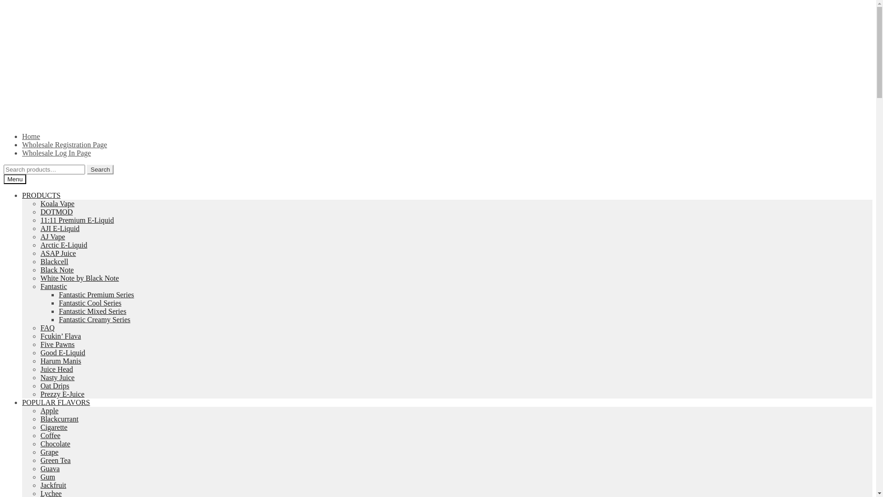 The image size is (883, 497). I want to click on 'FAQ', so click(40, 327).